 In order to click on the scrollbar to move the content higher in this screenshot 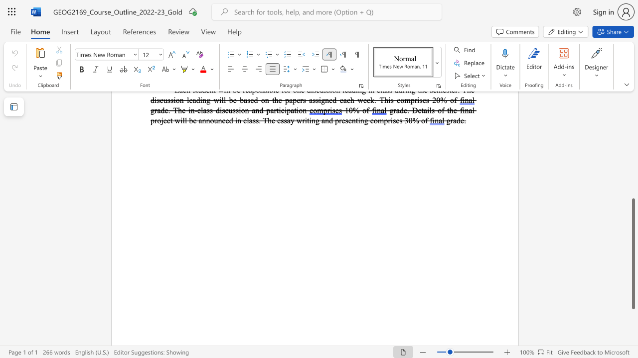, I will do `click(633, 184)`.